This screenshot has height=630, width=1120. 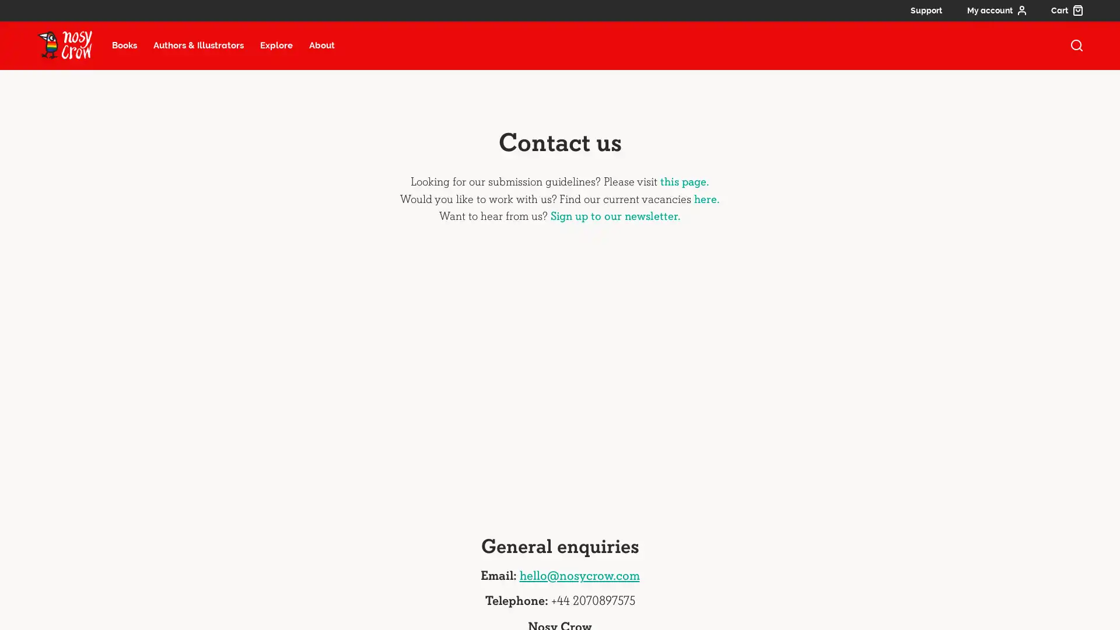 What do you see at coordinates (322, 44) in the screenshot?
I see `About menu item, select to open about submenu (13 items)` at bounding box center [322, 44].